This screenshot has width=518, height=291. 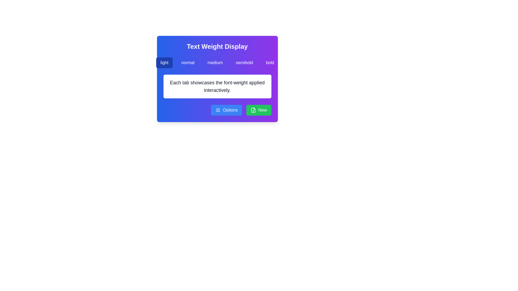 What do you see at coordinates (188, 62) in the screenshot?
I see `the 'normal' button` at bounding box center [188, 62].